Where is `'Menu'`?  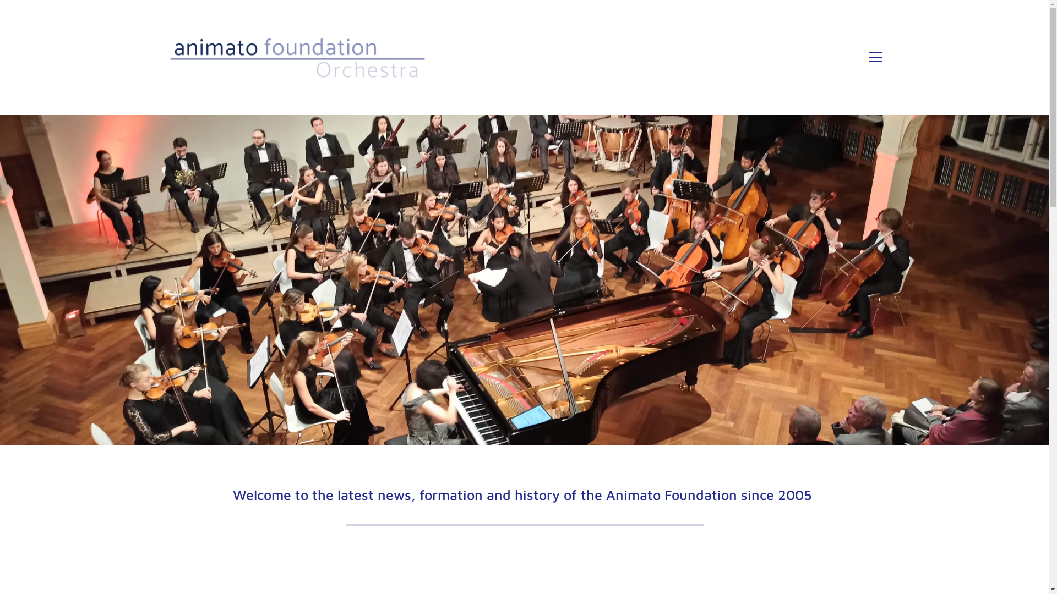
'Menu' is located at coordinates (868, 57).